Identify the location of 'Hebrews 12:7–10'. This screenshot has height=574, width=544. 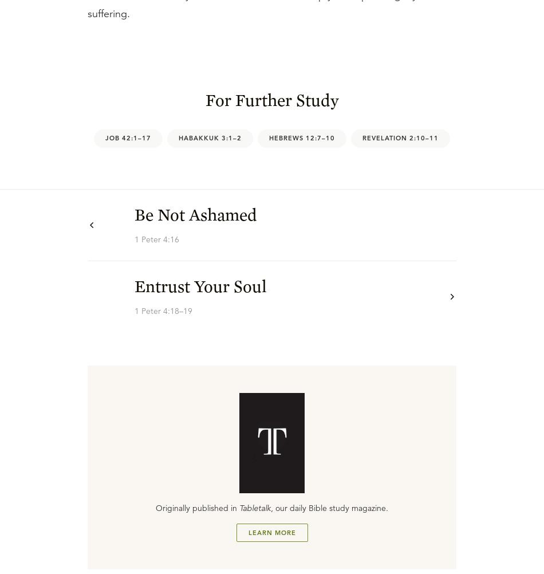
(302, 137).